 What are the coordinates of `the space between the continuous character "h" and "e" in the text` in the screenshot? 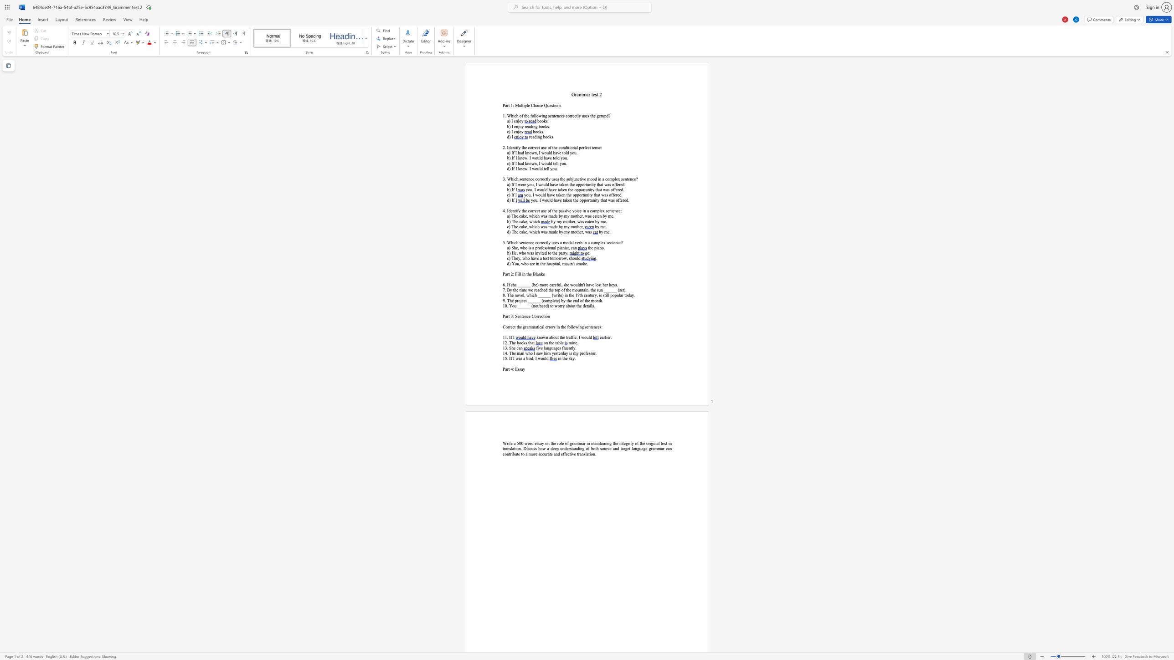 It's located at (514, 348).